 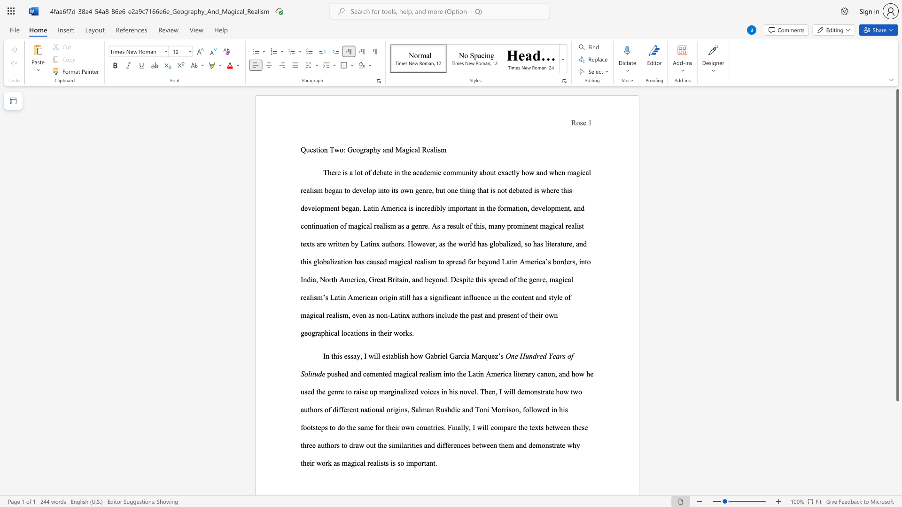 I want to click on the 1th character "p" in the text, so click(x=371, y=149).